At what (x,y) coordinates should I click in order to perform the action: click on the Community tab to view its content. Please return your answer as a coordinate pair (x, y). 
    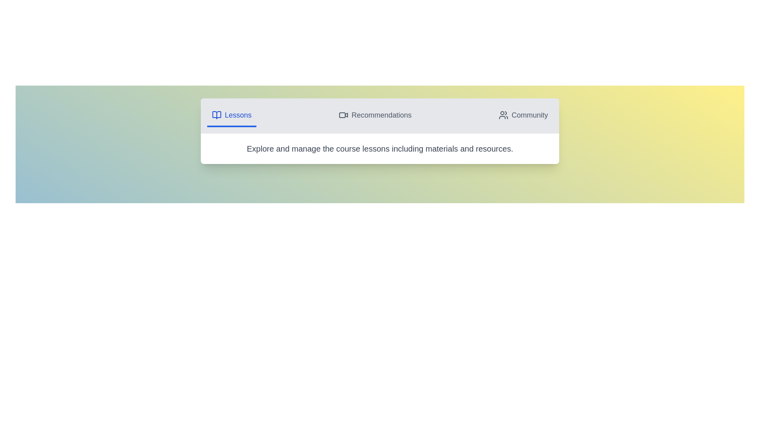
    Looking at the image, I should click on (523, 116).